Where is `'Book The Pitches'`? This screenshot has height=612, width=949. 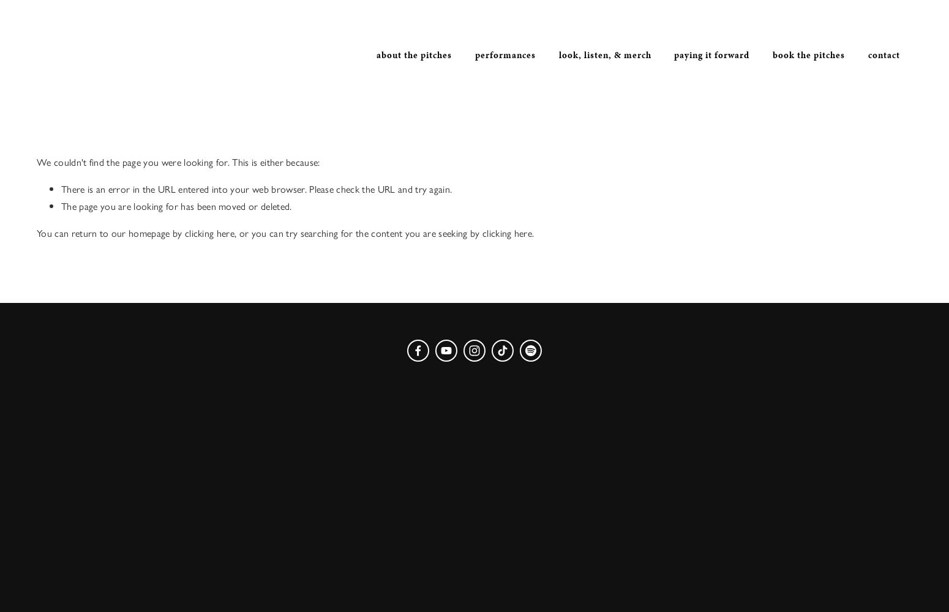 'Book The Pitches' is located at coordinates (772, 54).